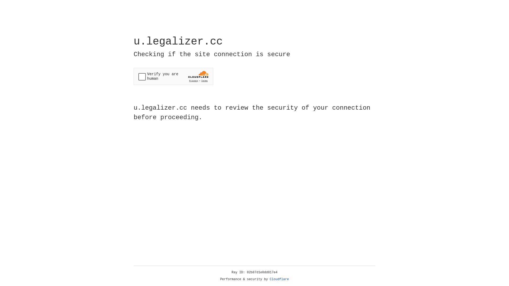 Image resolution: width=509 pixels, height=286 pixels. Describe the element at coordinates (173, 76) in the screenshot. I see `'Widget containing a Cloudflare security challenge'` at that location.